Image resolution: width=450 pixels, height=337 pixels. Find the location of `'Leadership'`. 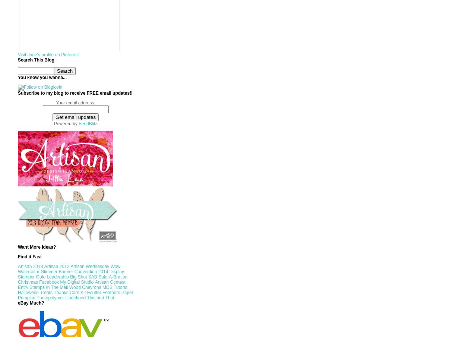

'Leadership' is located at coordinates (46, 277).